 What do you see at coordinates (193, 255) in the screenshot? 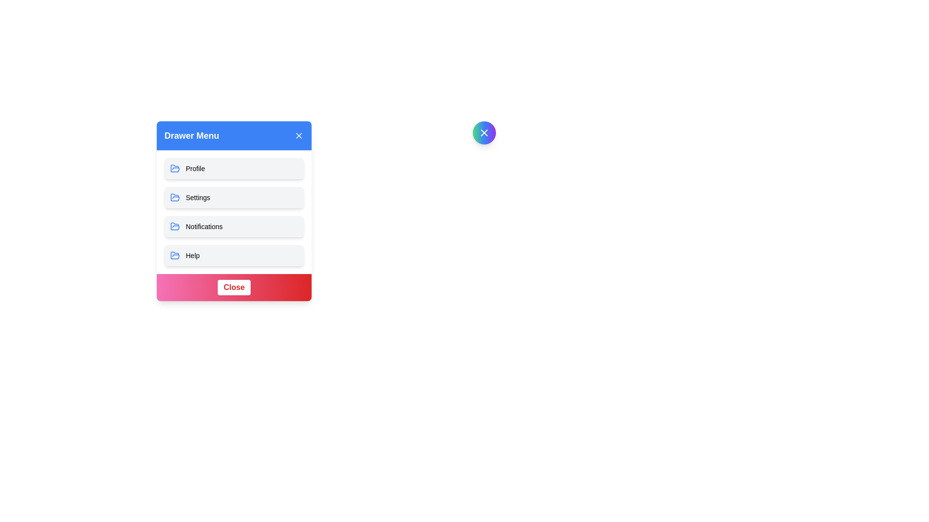
I see `the 'Help' text label, which is the last entry in a vertically stacked menu of assistance options` at bounding box center [193, 255].